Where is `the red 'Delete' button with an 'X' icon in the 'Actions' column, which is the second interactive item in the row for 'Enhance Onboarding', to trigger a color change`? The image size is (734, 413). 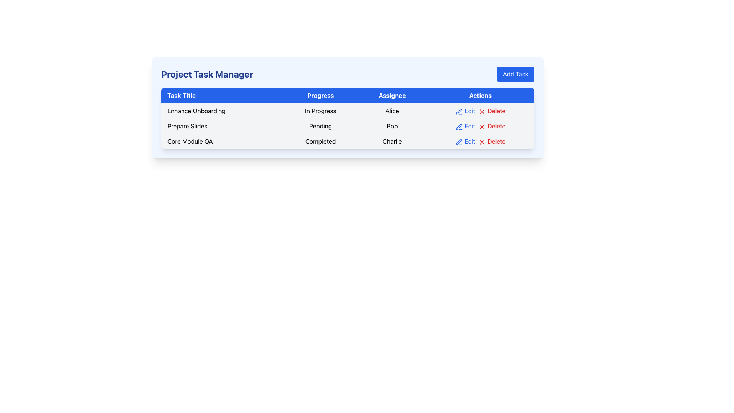
the red 'Delete' button with an 'X' icon in the 'Actions' column, which is the second interactive item in the row for 'Enhance Onboarding', to trigger a color change is located at coordinates (492, 111).